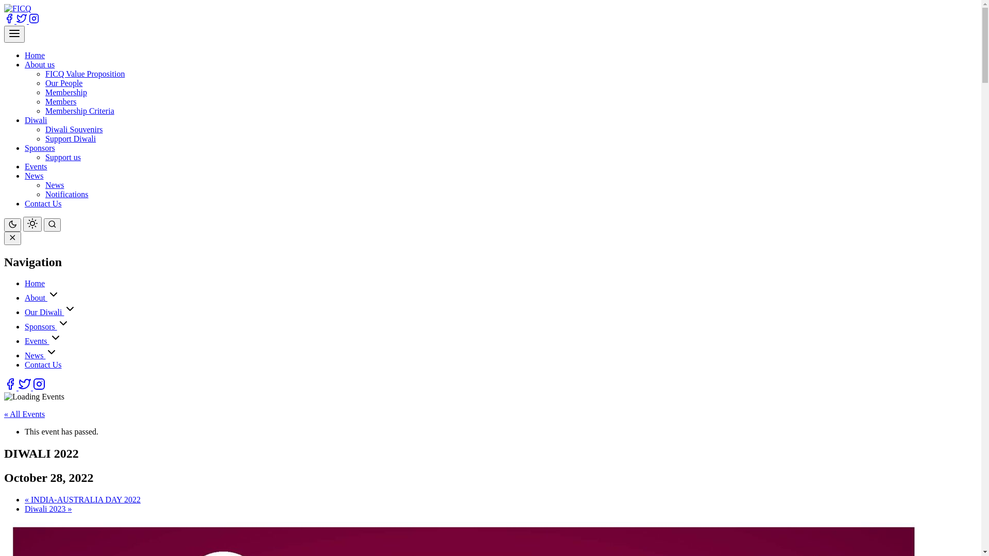  Describe the element at coordinates (37, 341) in the screenshot. I see `'Events'` at that location.